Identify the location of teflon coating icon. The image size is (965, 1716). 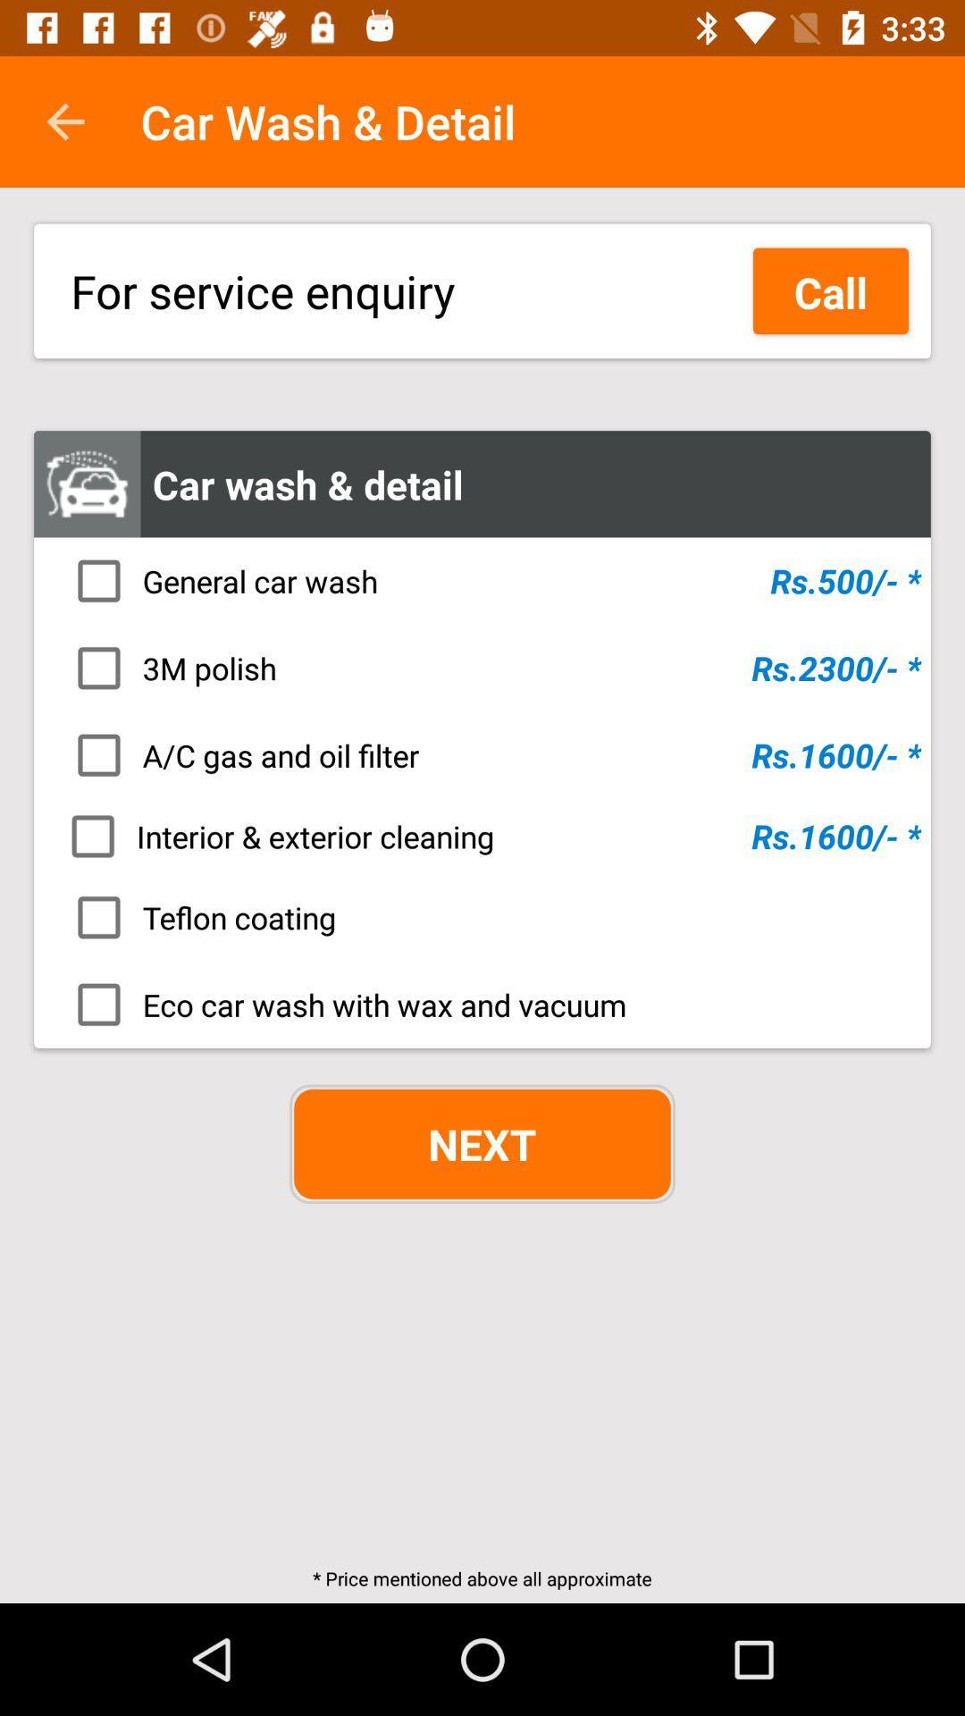
(488, 917).